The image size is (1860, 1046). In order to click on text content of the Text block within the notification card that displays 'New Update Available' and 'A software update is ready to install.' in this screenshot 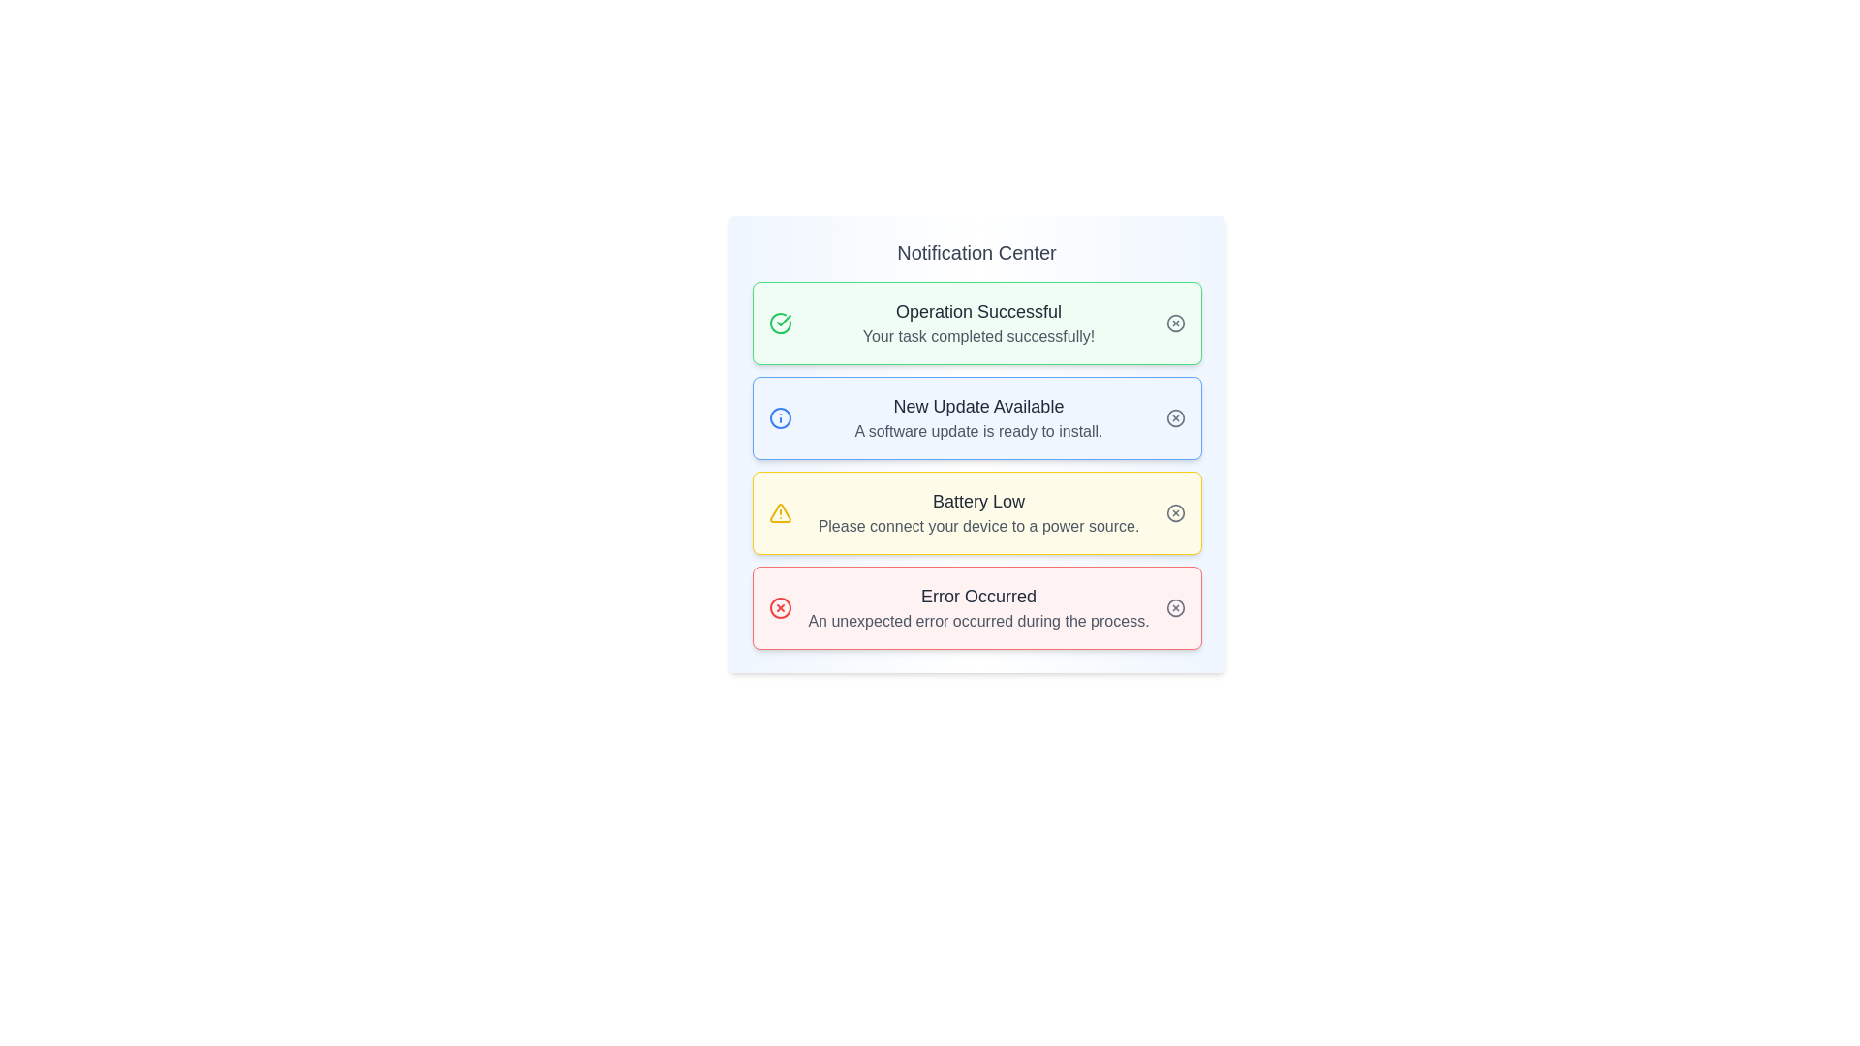, I will do `click(978, 417)`.